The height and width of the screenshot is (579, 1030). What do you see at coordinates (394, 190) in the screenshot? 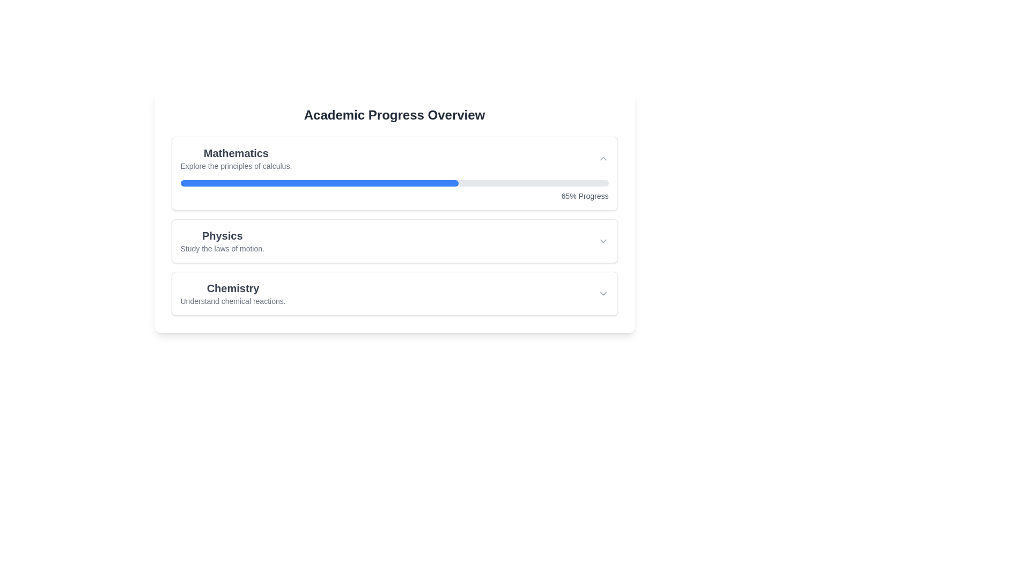
I see `the progress indicator located below the heading 'Mathematics' and the description 'Explore the principles of calculus'` at bounding box center [394, 190].